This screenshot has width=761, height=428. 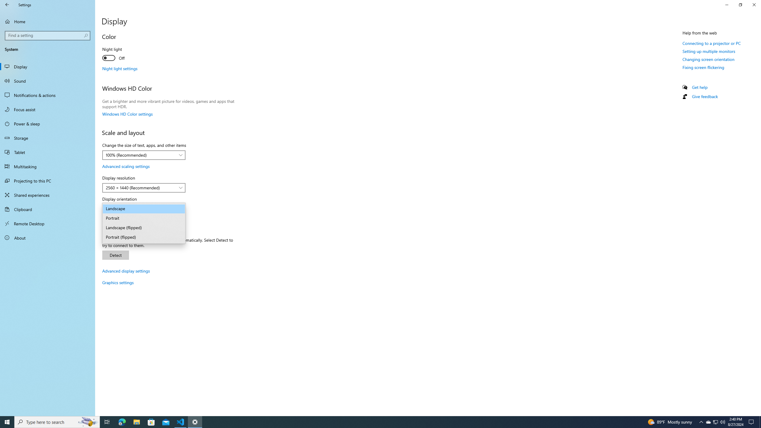 I want to click on 'Home', so click(x=47, y=21).